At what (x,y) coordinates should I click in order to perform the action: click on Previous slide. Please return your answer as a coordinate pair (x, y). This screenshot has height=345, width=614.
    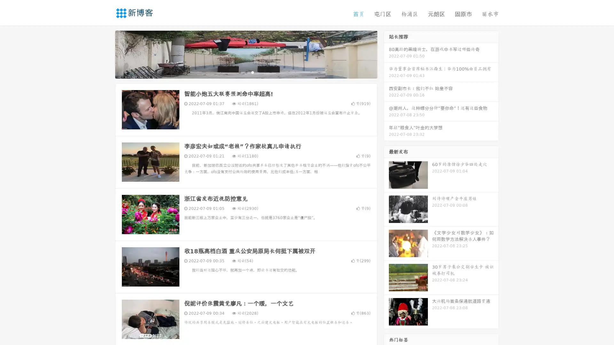
    Looking at the image, I should click on (106, 54).